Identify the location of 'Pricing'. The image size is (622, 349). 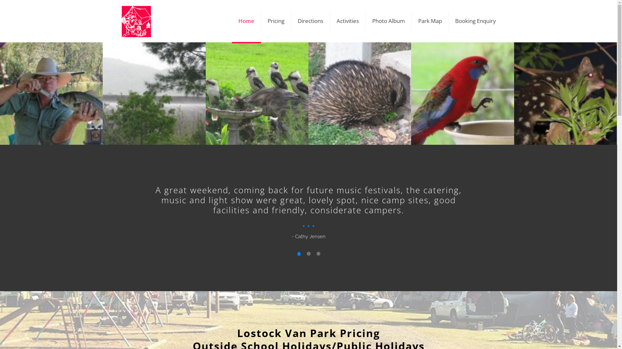
(261, 21).